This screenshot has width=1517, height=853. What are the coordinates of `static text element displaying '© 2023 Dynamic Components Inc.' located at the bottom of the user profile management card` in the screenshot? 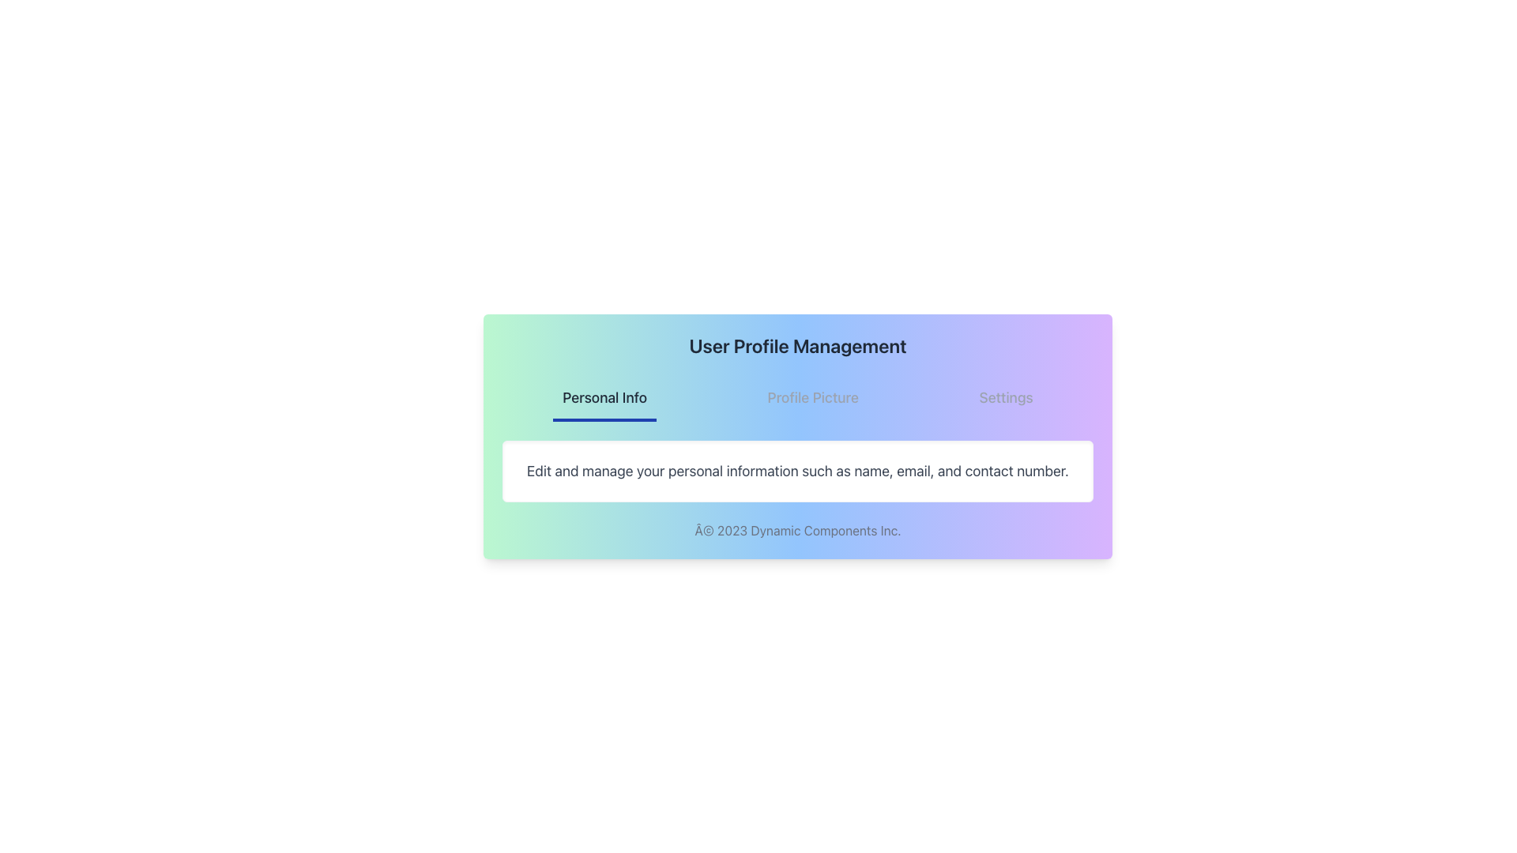 It's located at (797, 530).